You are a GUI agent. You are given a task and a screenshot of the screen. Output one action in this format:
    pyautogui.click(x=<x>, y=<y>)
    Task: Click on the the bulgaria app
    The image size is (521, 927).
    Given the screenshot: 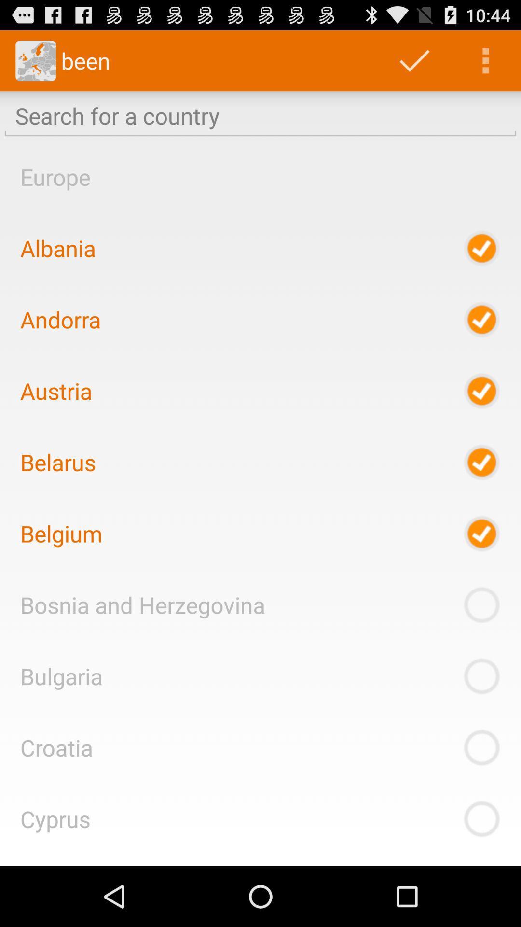 What is the action you would take?
    pyautogui.click(x=61, y=675)
    